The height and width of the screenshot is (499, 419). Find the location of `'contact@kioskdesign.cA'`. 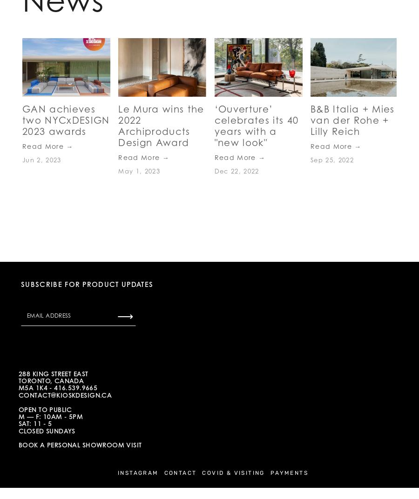

'contact@kioskdesign.cA' is located at coordinates (65, 393).